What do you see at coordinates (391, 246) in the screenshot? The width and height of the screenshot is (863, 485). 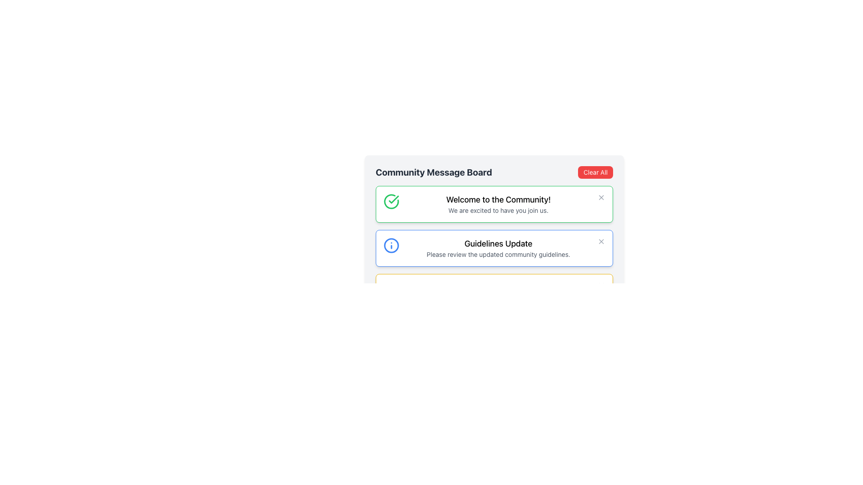 I see `the SVG Circle Graphic representing the outer boundary of the information icon located to the left of the 'Guidelines Update' text` at bounding box center [391, 246].